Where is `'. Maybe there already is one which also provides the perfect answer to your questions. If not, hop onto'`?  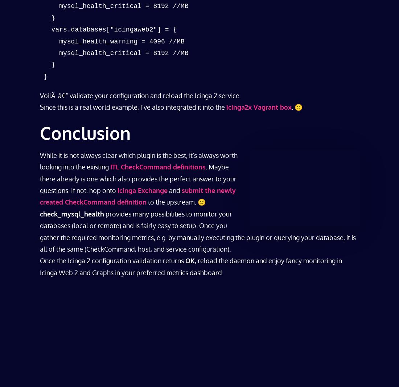 '. Maybe there already is one which also provides the perfect answer to your questions. If not, hop onto' is located at coordinates (138, 178).